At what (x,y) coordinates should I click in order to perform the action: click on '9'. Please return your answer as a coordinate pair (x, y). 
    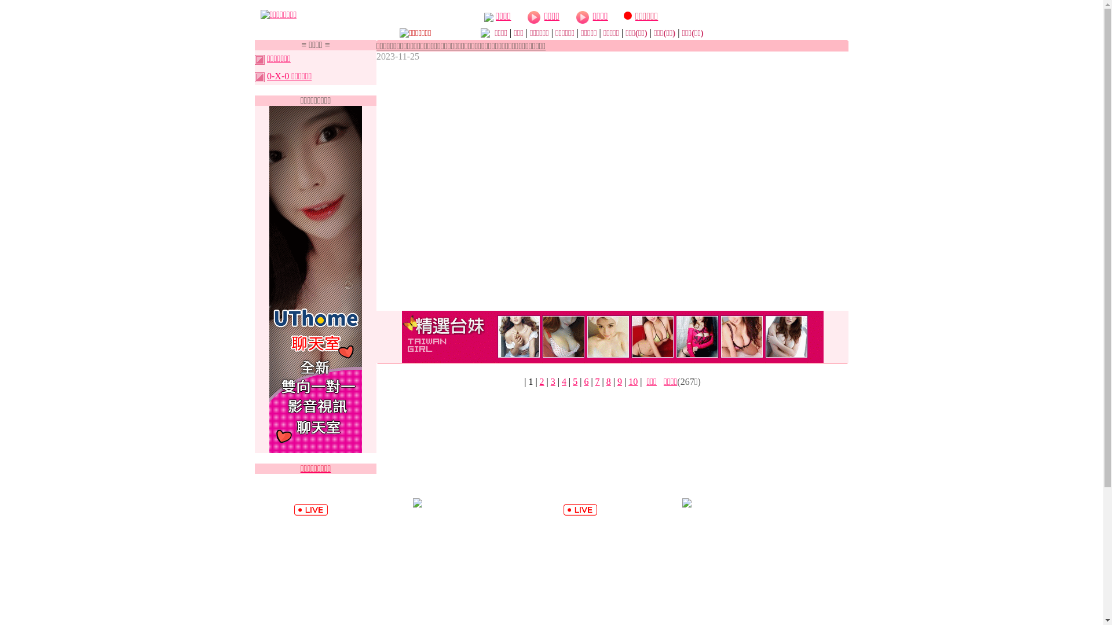
    Looking at the image, I should click on (619, 381).